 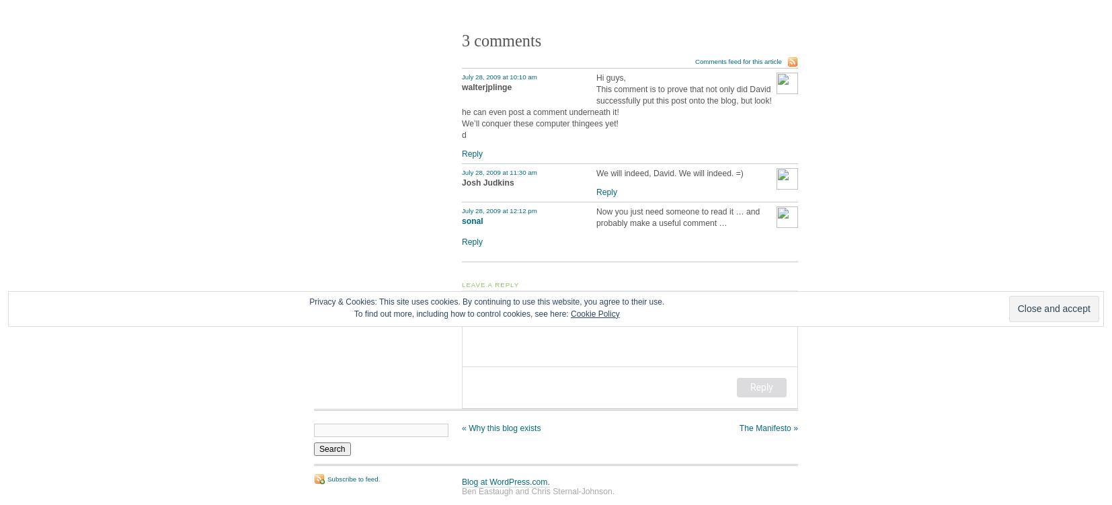 What do you see at coordinates (462, 481) in the screenshot?
I see `'Blog at WordPress.com.'` at bounding box center [462, 481].